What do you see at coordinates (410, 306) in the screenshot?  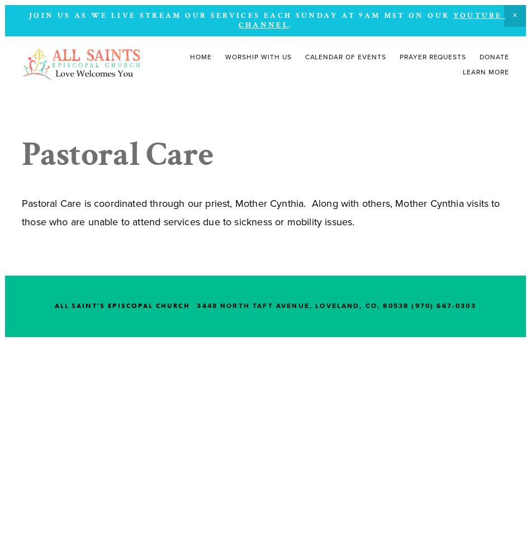 I see `'(970) 667-0303'` at bounding box center [410, 306].